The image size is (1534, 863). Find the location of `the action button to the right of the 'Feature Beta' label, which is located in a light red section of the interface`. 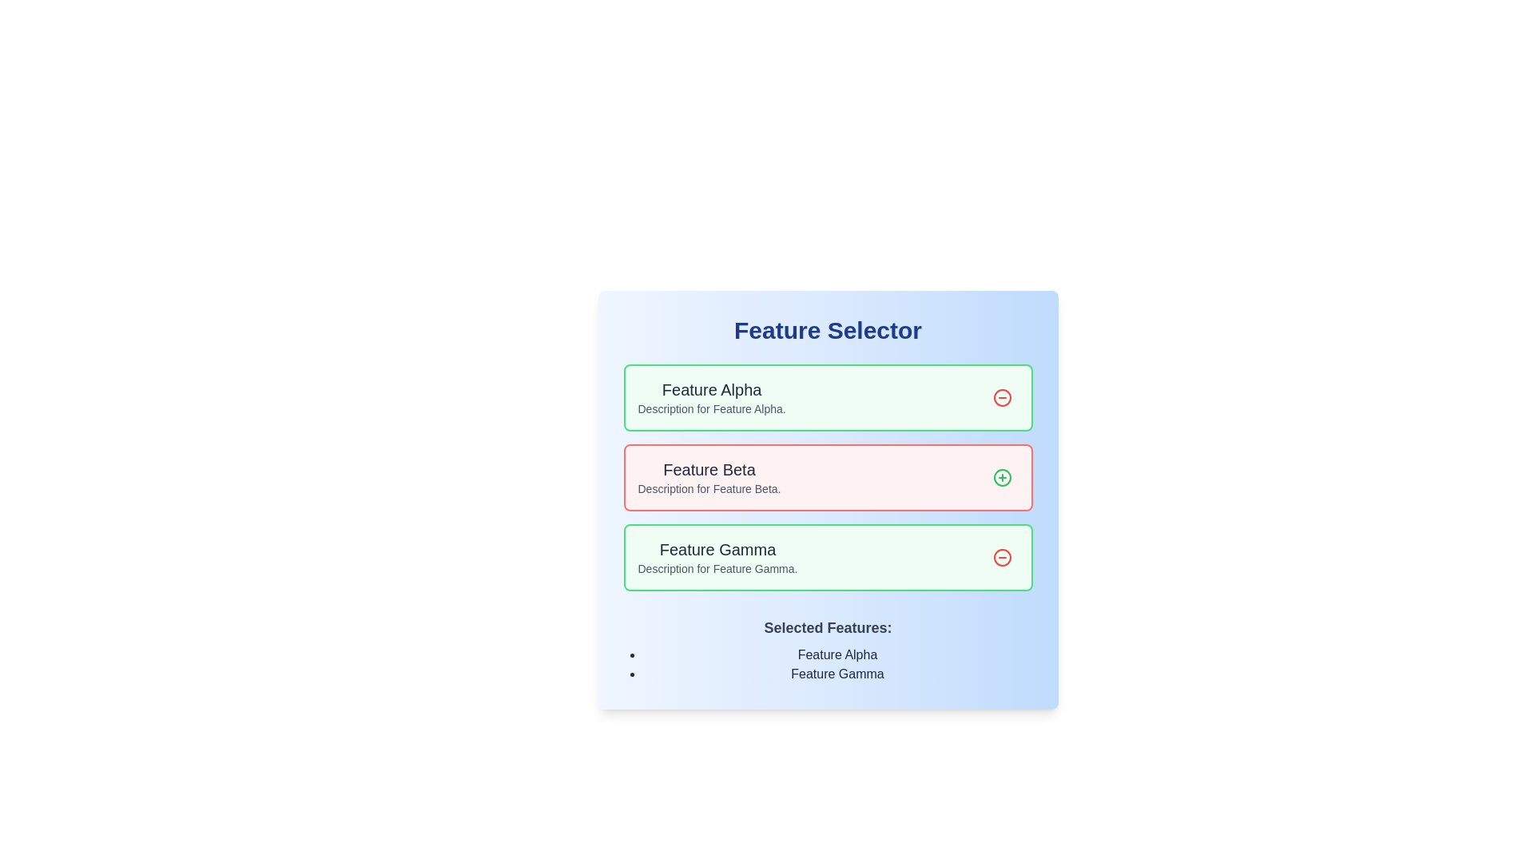

the action button to the right of the 'Feature Beta' label, which is located in a light red section of the interface is located at coordinates (1001, 476).